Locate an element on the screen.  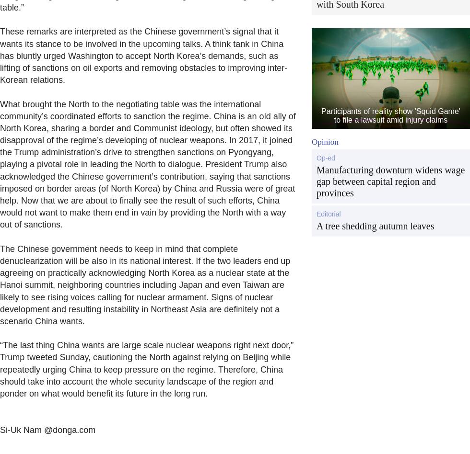
'Op-ed' is located at coordinates (326, 157).